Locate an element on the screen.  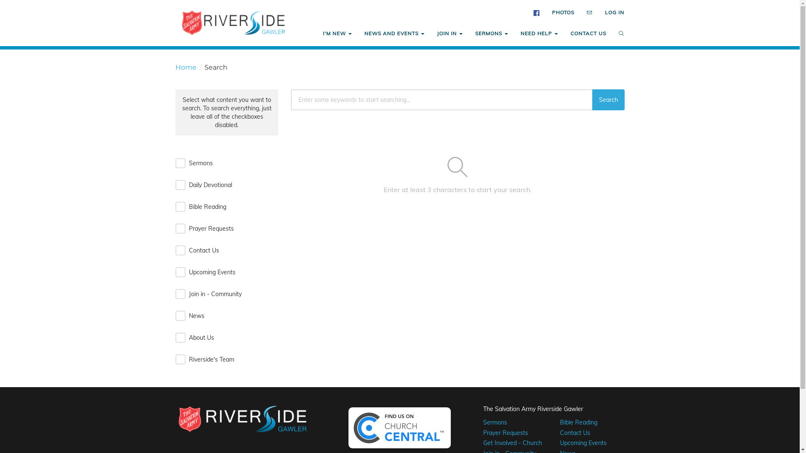
'Get Involved - Church' is located at coordinates (512, 443).